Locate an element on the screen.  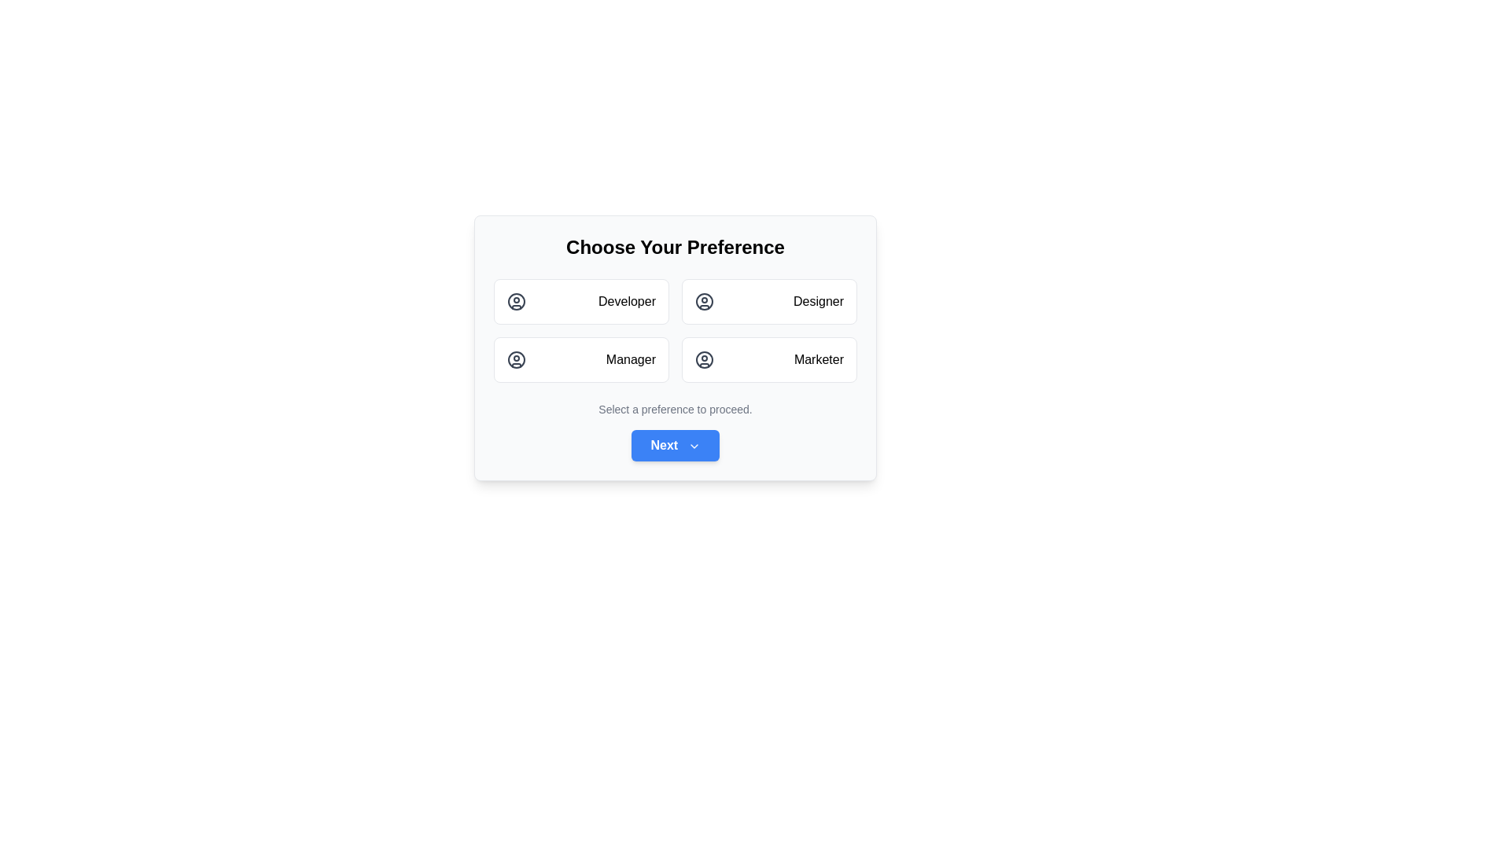
the outermost circle of the user profile icon in the 'Marketer' preference card, which is the fourth card from the left in the grid layout is located at coordinates (704, 360).